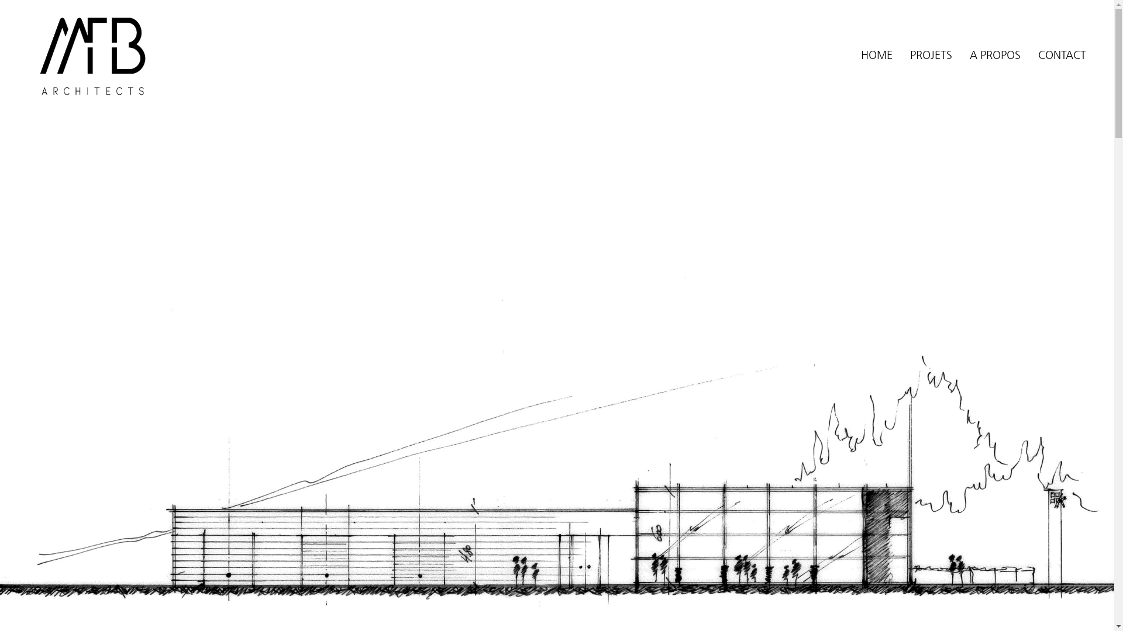  I want to click on 'A PROPOS', so click(994, 54).